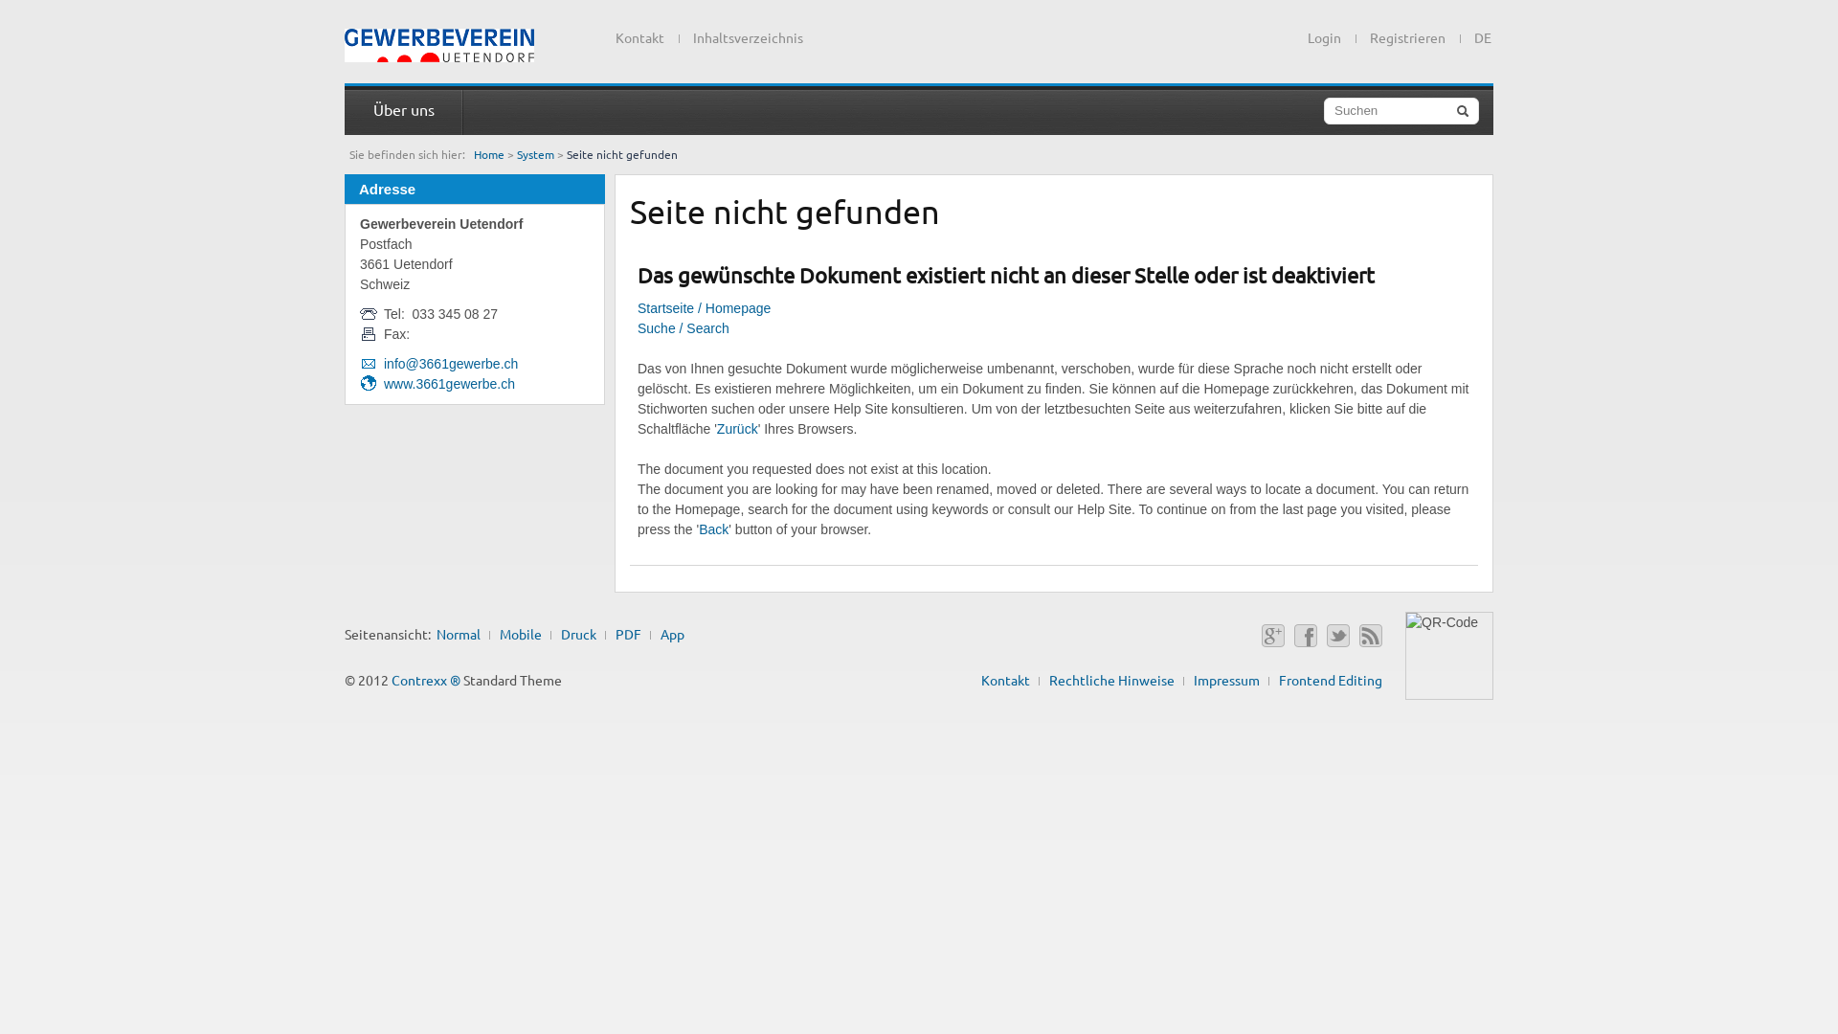 This screenshot has width=1838, height=1034. What do you see at coordinates (703, 306) in the screenshot?
I see `'Startseite / Homepage'` at bounding box center [703, 306].